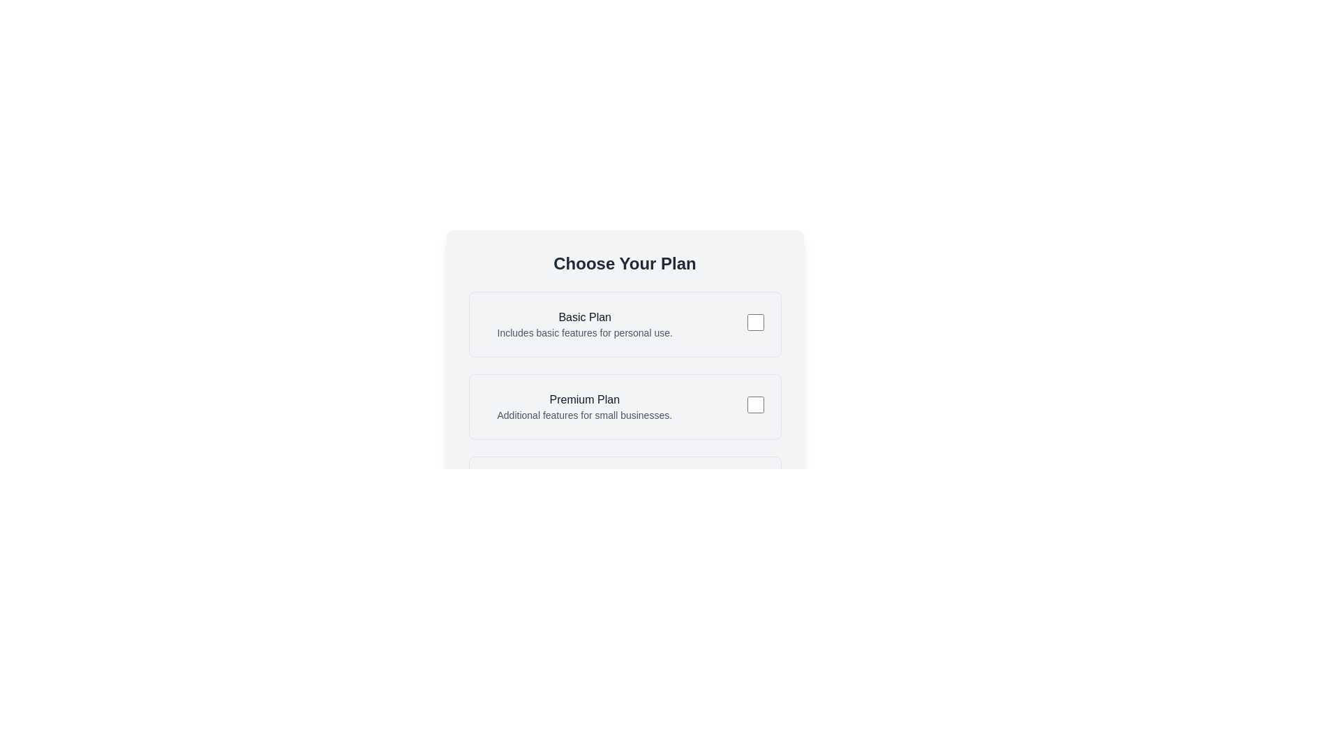 This screenshot has height=754, width=1340. I want to click on to select the checkbox with an indigo border and light background located to the right of the text 'Premium Plan' in the 'Choose Your Plan' interface, so click(754, 406).